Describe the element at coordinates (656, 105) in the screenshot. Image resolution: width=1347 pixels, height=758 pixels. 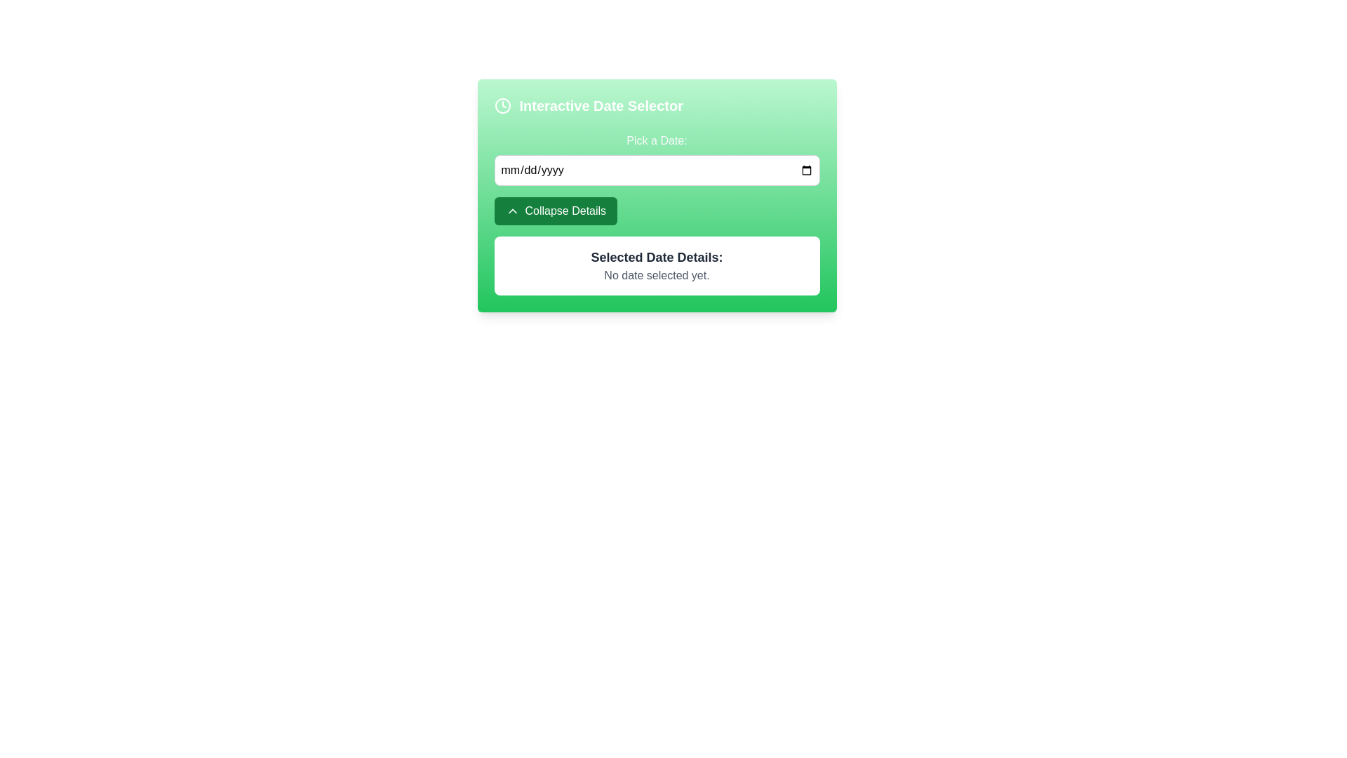
I see `the center of the Text Label with Icon that serves as the header for the date selection tool, despite it likely being non-interactive` at that location.